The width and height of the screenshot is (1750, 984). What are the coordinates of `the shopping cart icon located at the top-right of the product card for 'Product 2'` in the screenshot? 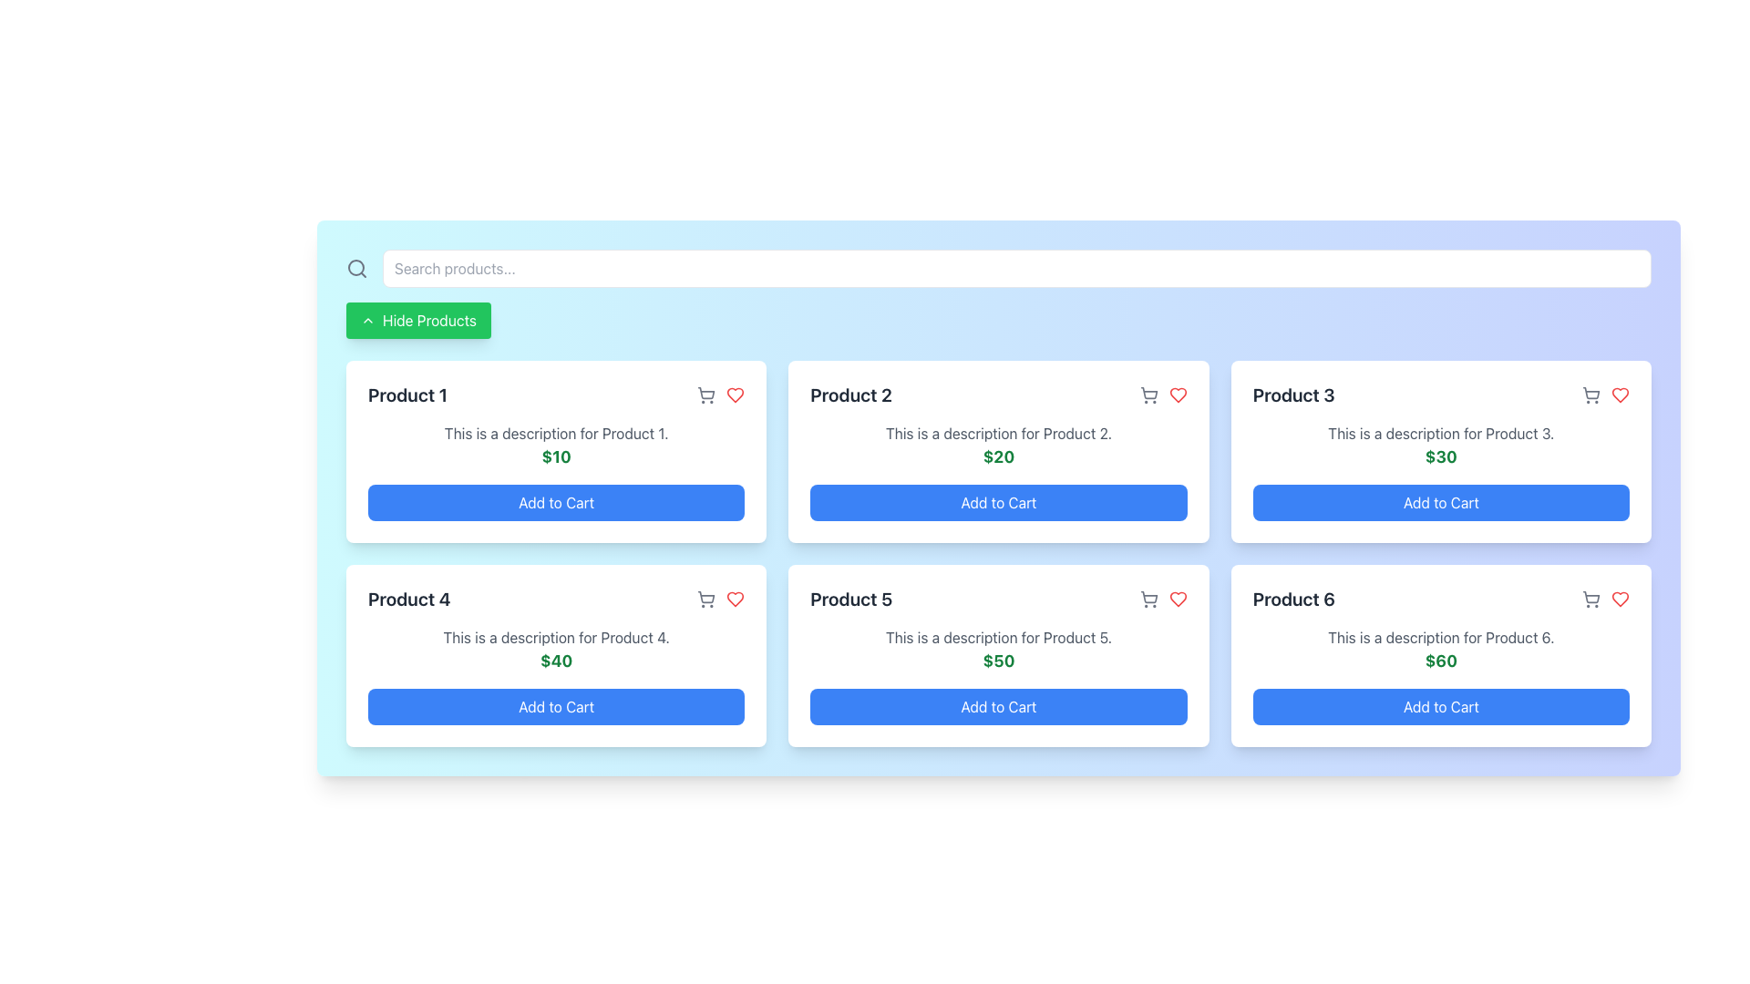 It's located at (1147, 392).